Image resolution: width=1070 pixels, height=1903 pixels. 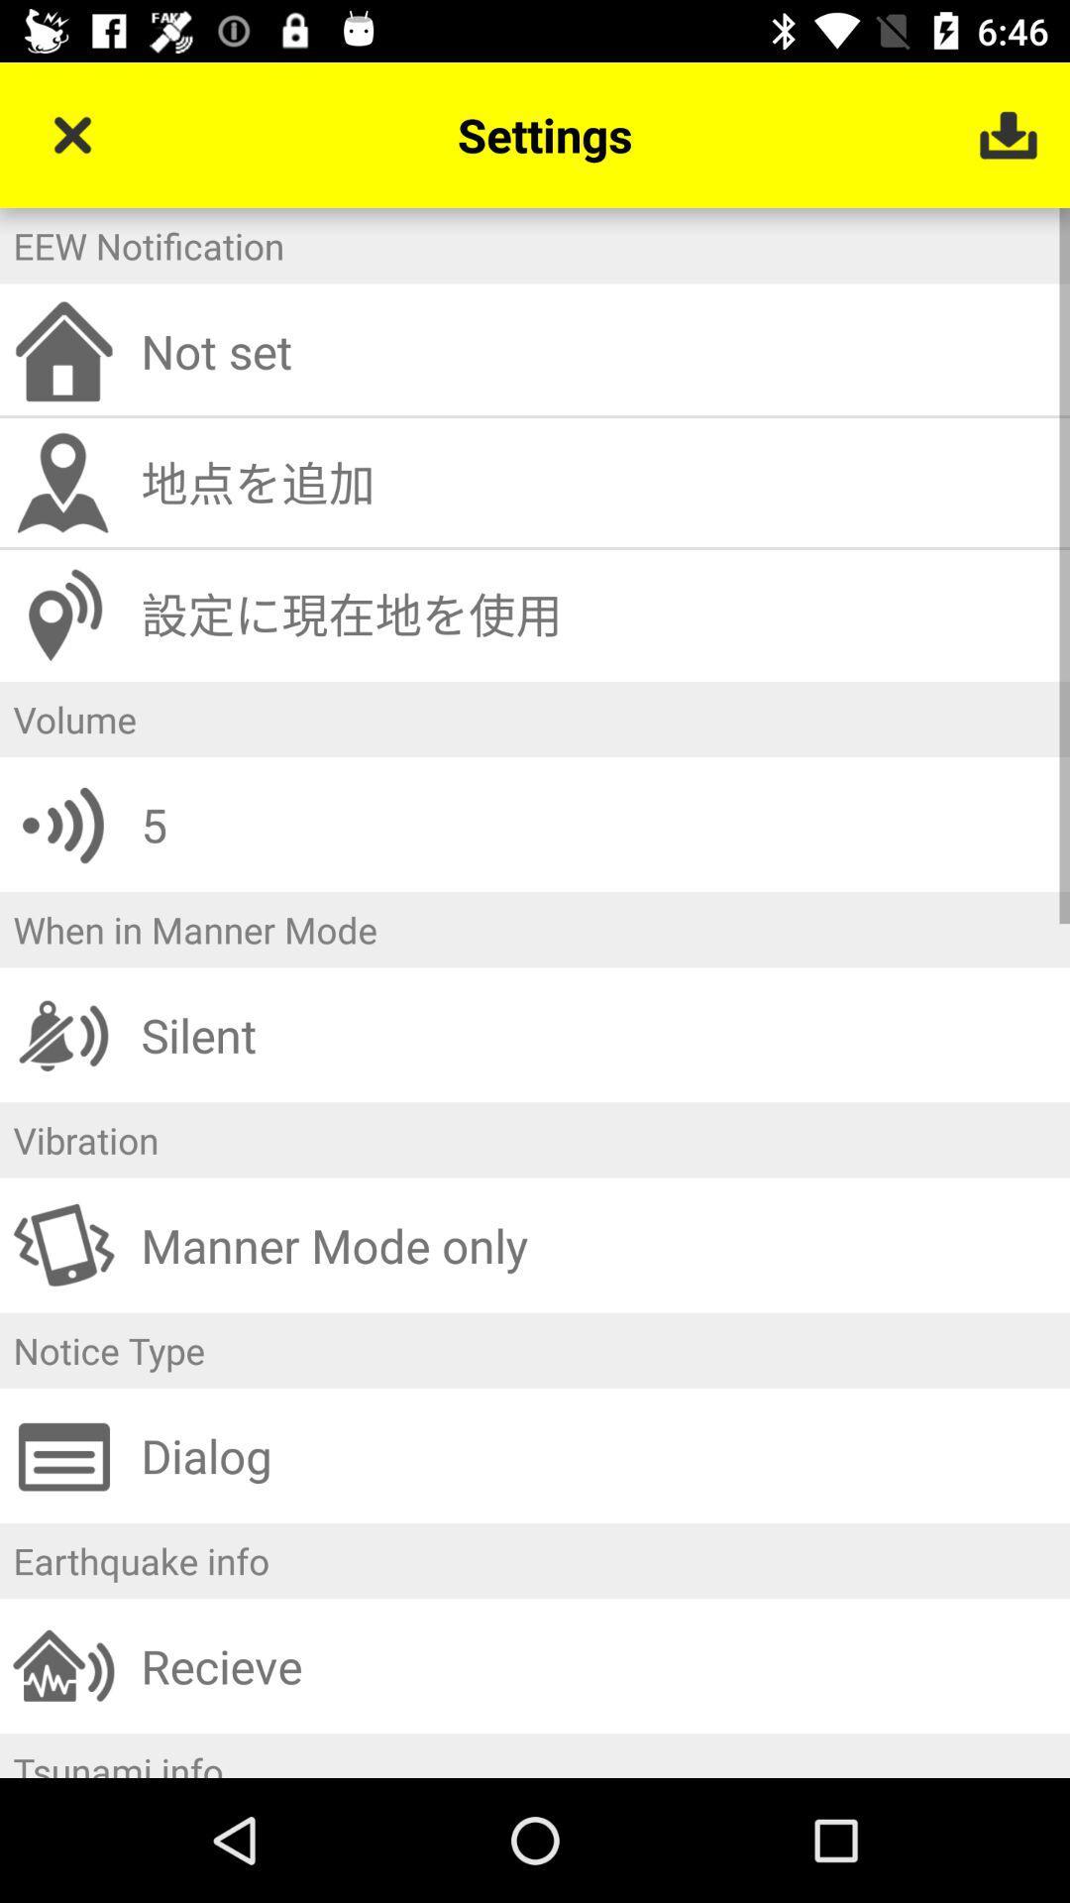 What do you see at coordinates (71, 134) in the screenshot?
I see `the item next to settings icon` at bounding box center [71, 134].